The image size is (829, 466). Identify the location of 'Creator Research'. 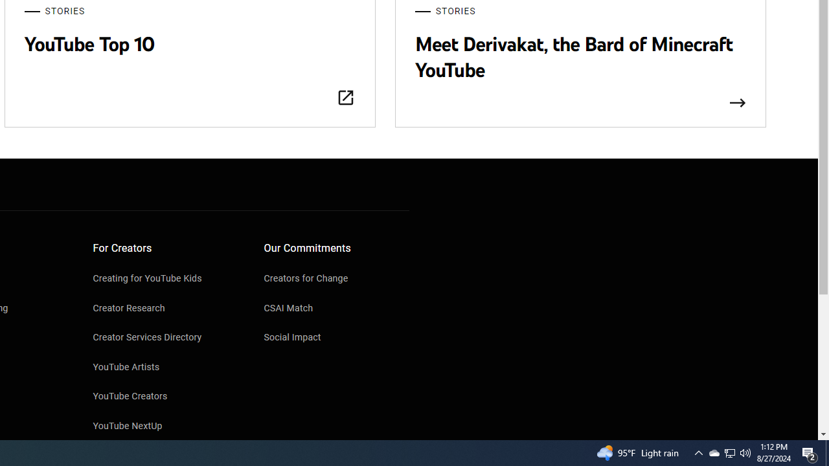
(165, 309).